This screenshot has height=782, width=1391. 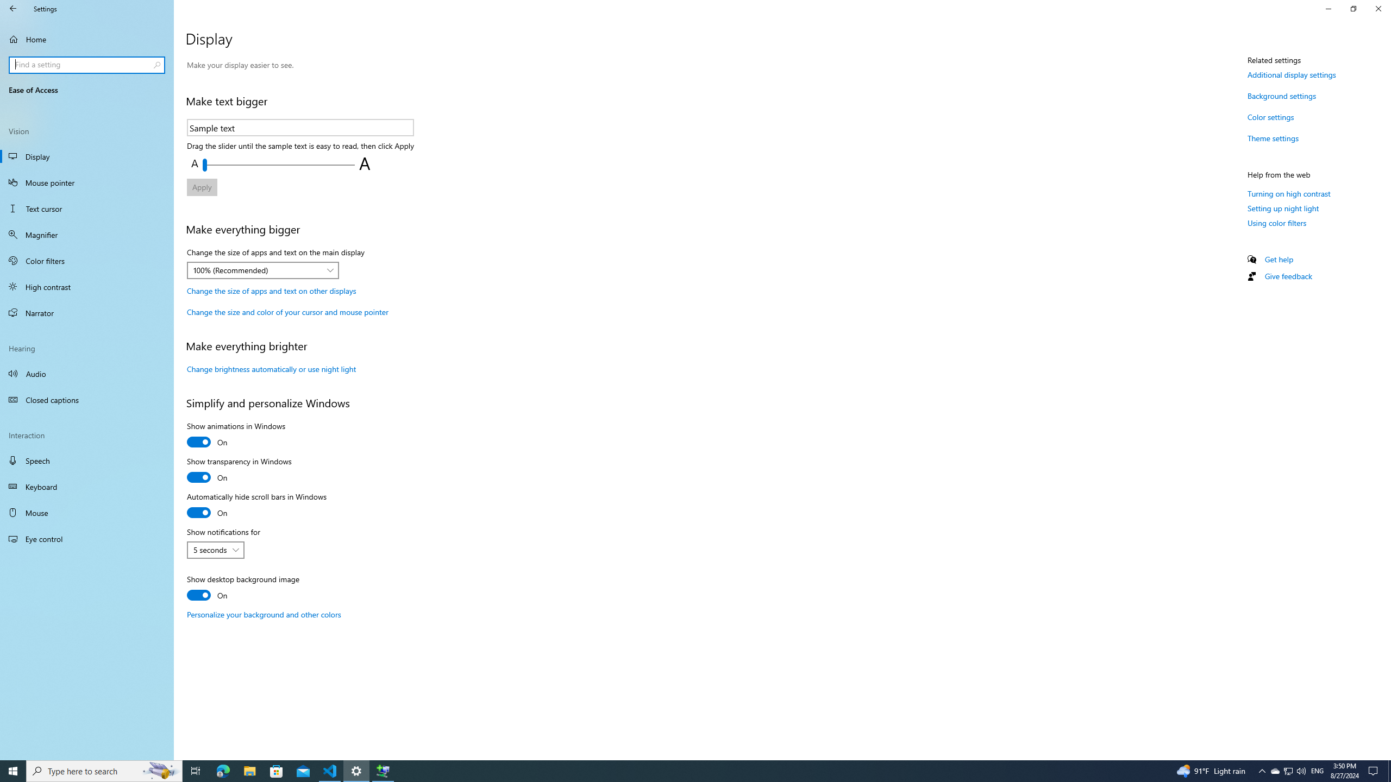 I want to click on '5 seconds', so click(x=210, y=550).